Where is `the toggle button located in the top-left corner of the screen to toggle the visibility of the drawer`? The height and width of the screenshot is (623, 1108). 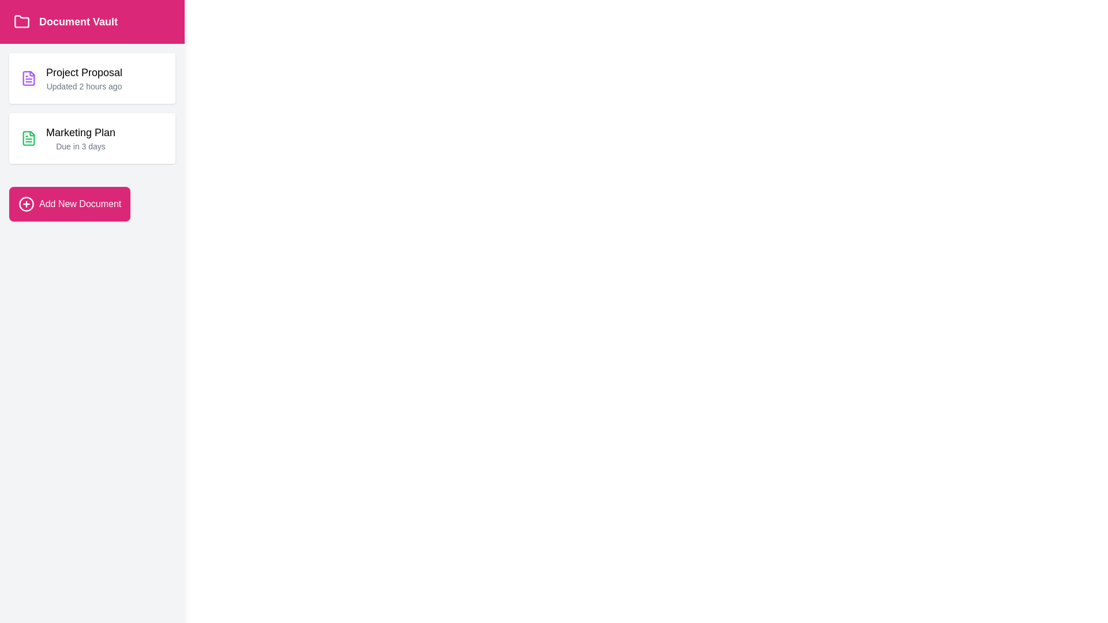 the toggle button located in the top-left corner of the screen to toggle the visibility of the drawer is located at coordinates (32, 36).